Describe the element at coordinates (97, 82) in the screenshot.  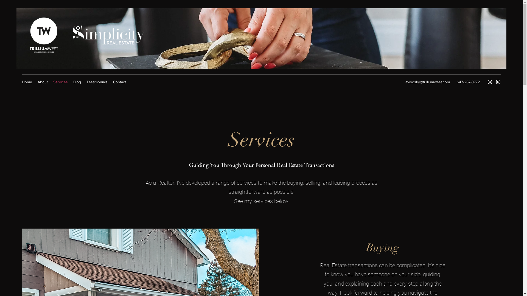
I see `'Testimonials'` at that location.